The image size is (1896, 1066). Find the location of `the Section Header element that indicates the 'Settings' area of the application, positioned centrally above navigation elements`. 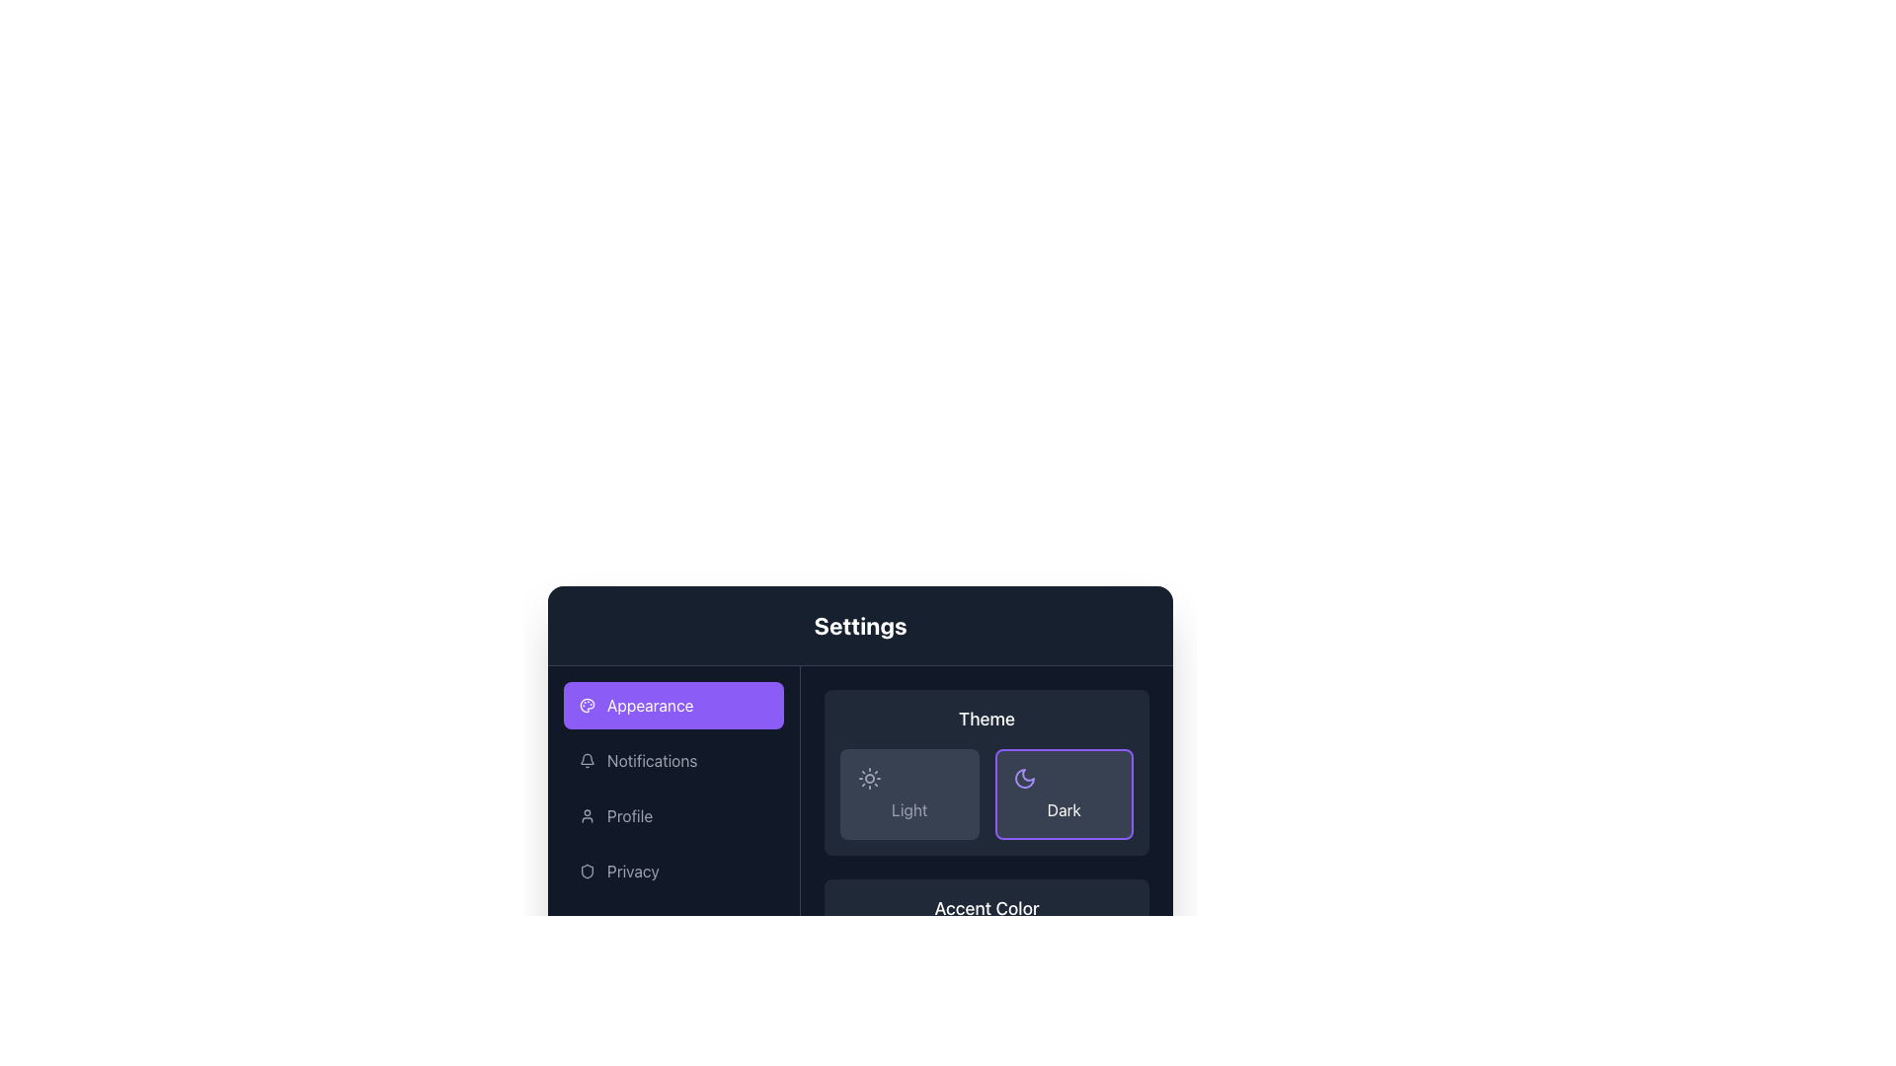

the Section Header element that indicates the 'Settings' area of the application, positioned centrally above navigation elements is located at coordinates (860, 626).